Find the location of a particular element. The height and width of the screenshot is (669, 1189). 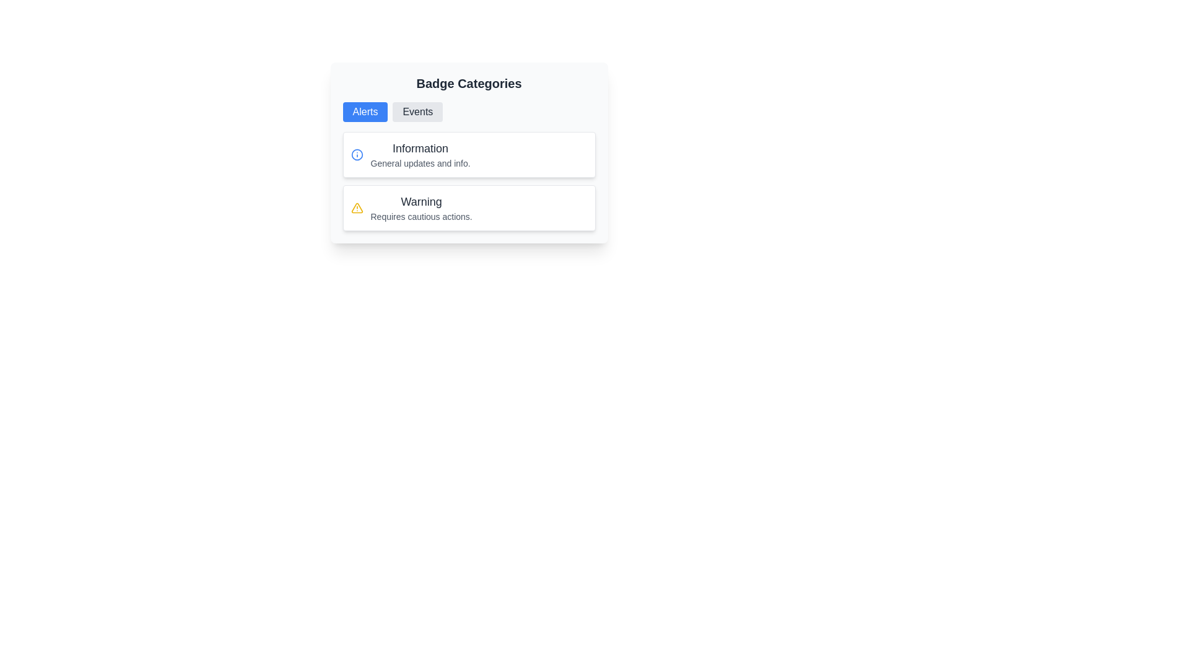

the 'Alerts' button on the Toggle selector located in the 'Badge Categories' section, which allows users to switch between 'Alerts' and 'Events' is located at coordinates (468, 112).